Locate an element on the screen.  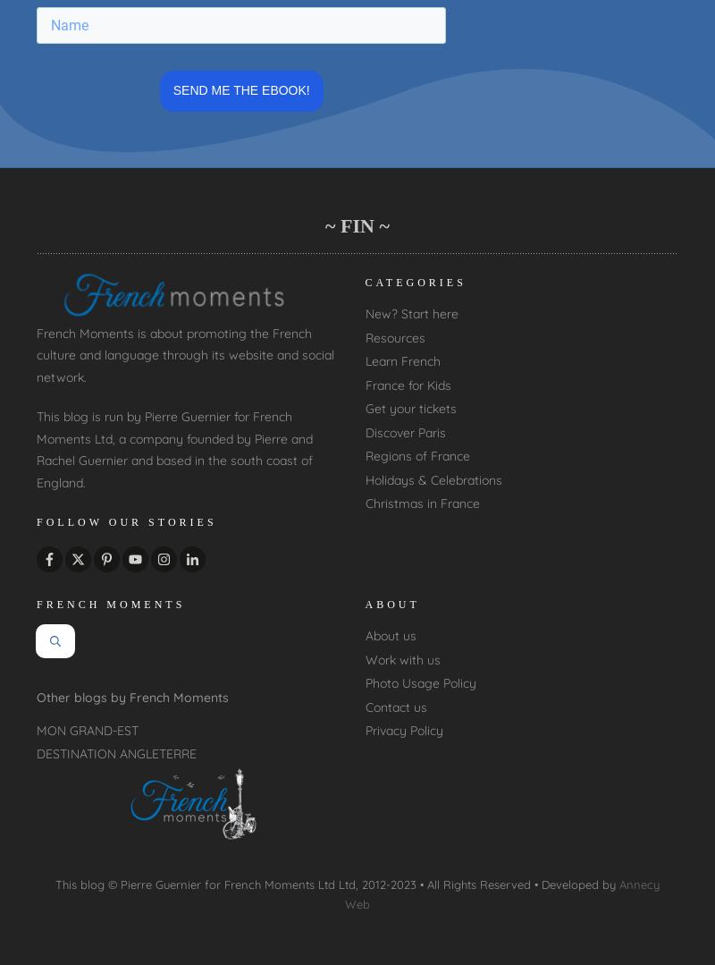
'CATEGORIES' is located at coordinates (414, 282).